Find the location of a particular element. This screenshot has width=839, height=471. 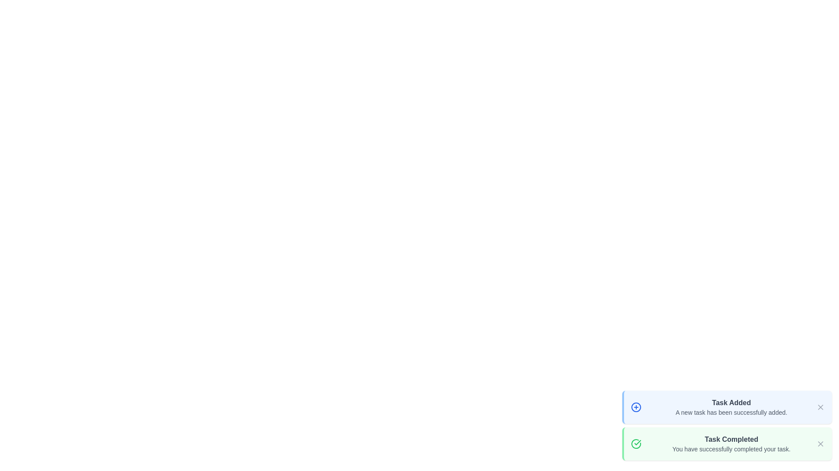

the notification panel element Task Completed notification to interact with it is located at coordinates (727, 444).